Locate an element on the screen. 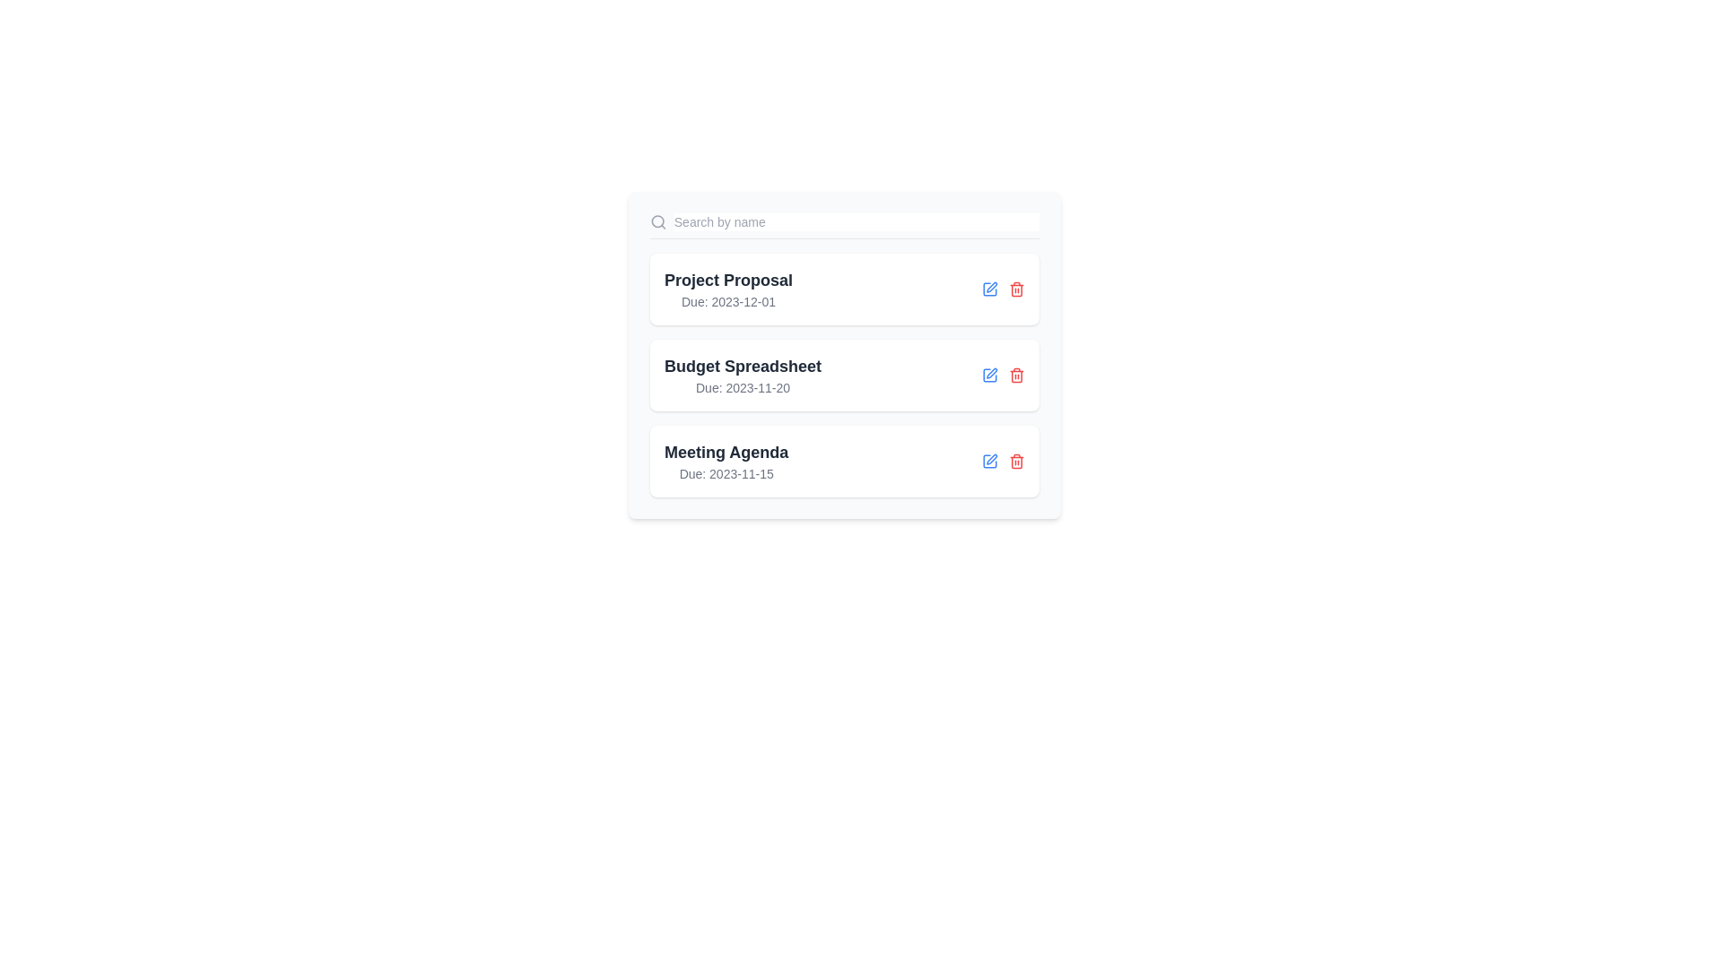  the trash icon next to the item Meeting Agenda to delete it is located at coordinates (1016, 461).